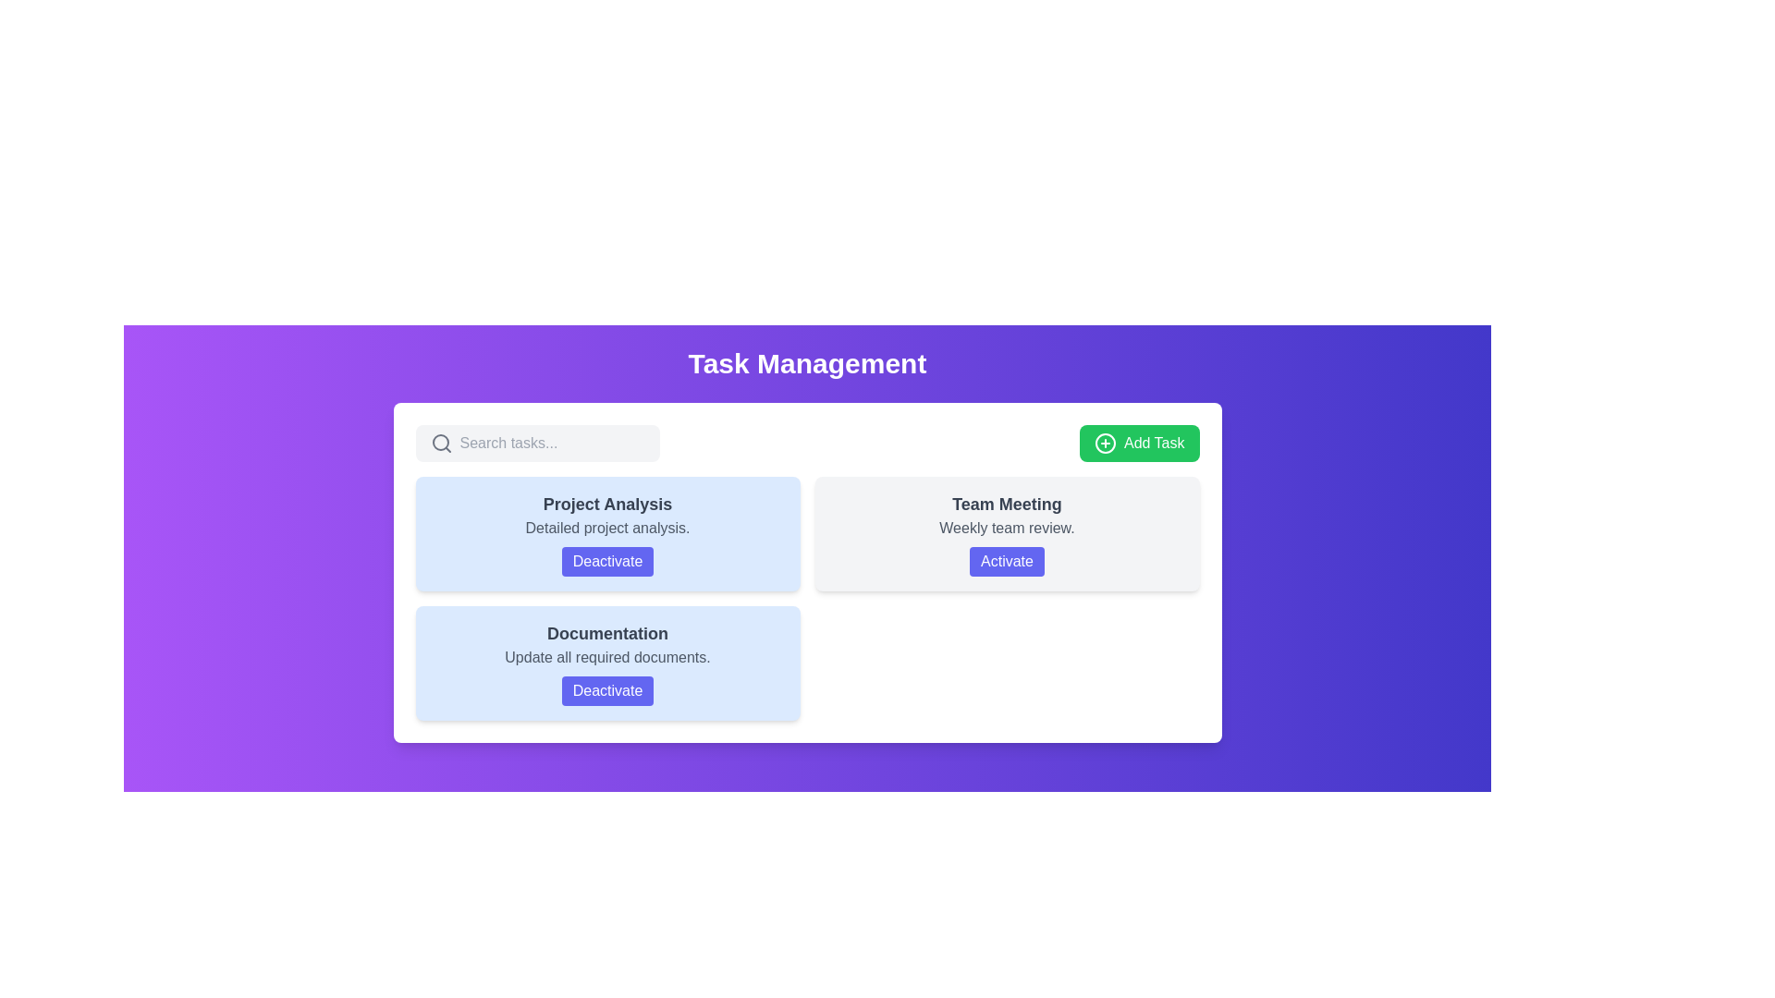 This screenshot has width=1775, height=998. Describe the element at coordinates (607, 505) in the screenshot. I see `the bold text label displaying 'Project Analysis' in a gray color, located at the top-center of a blue card-like box in the upper left quadrant of the main panel` at that location.